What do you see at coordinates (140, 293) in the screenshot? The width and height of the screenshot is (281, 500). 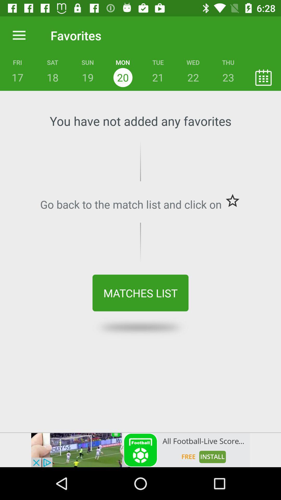 I see `matches list` at bounding box center [140, 293].